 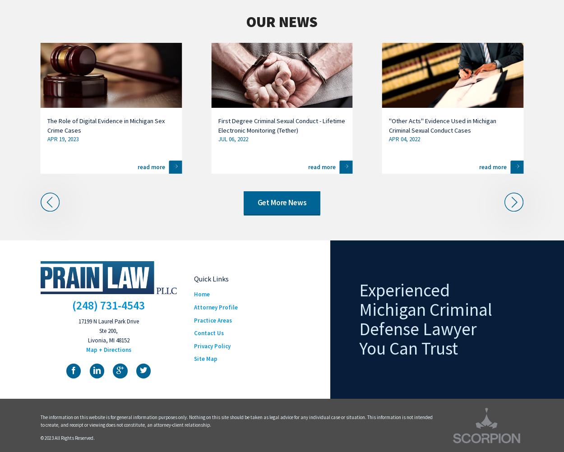 What do you see at coordinates (212, 345) in the screenshot?
I see `'Privacy Policy'` at bounding box center [212, 345].